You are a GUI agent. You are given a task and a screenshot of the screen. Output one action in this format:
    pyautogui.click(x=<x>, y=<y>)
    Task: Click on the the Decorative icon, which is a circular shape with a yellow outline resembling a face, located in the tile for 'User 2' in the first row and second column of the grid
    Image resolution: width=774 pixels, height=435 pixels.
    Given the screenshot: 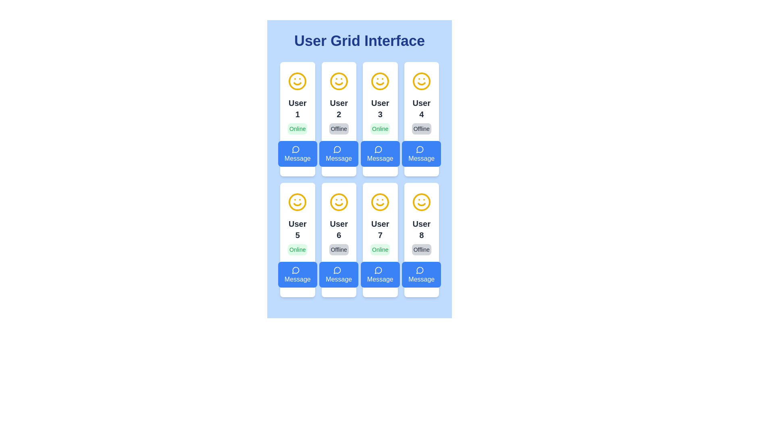 What is the action you would take?
    pyautogui.click(x=339, y=81)
    